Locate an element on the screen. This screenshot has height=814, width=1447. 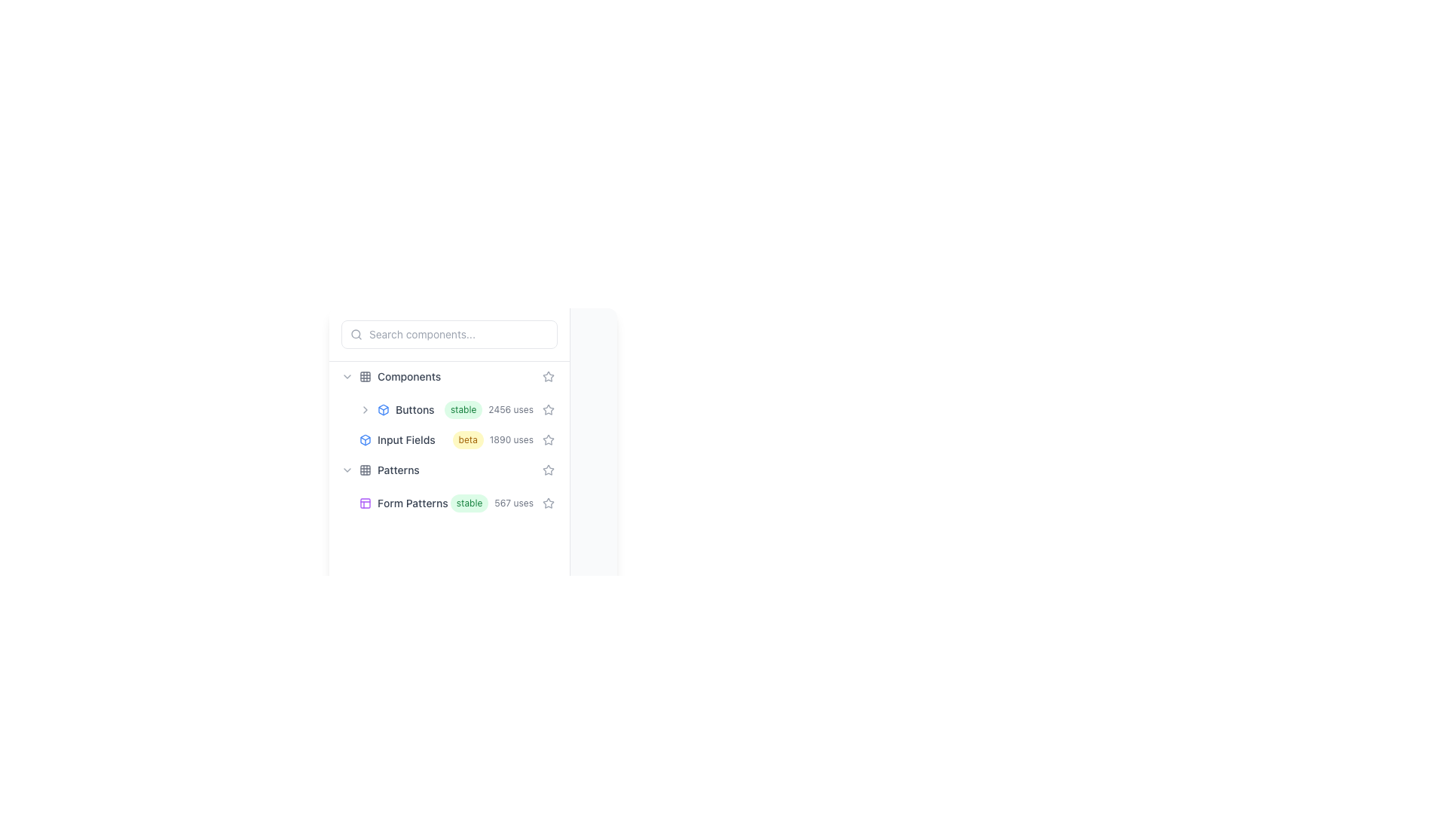
the arrow icon located to the left of the 'Buttons' text is located at coordinates (365, 409).